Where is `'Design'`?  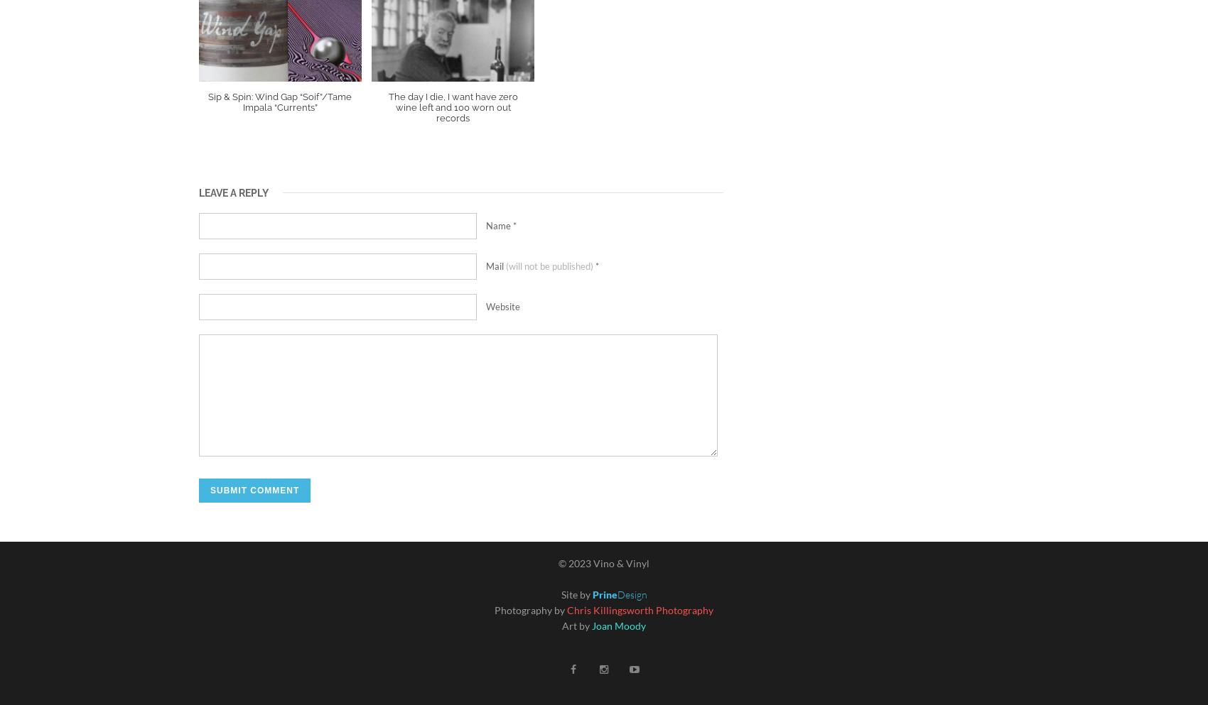 'Design' is located at coordinates (631, 594).